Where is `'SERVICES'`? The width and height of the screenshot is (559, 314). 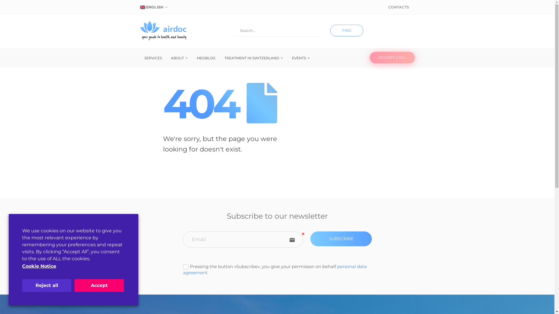
'SERVICES' is located at coordinates (153, 58).